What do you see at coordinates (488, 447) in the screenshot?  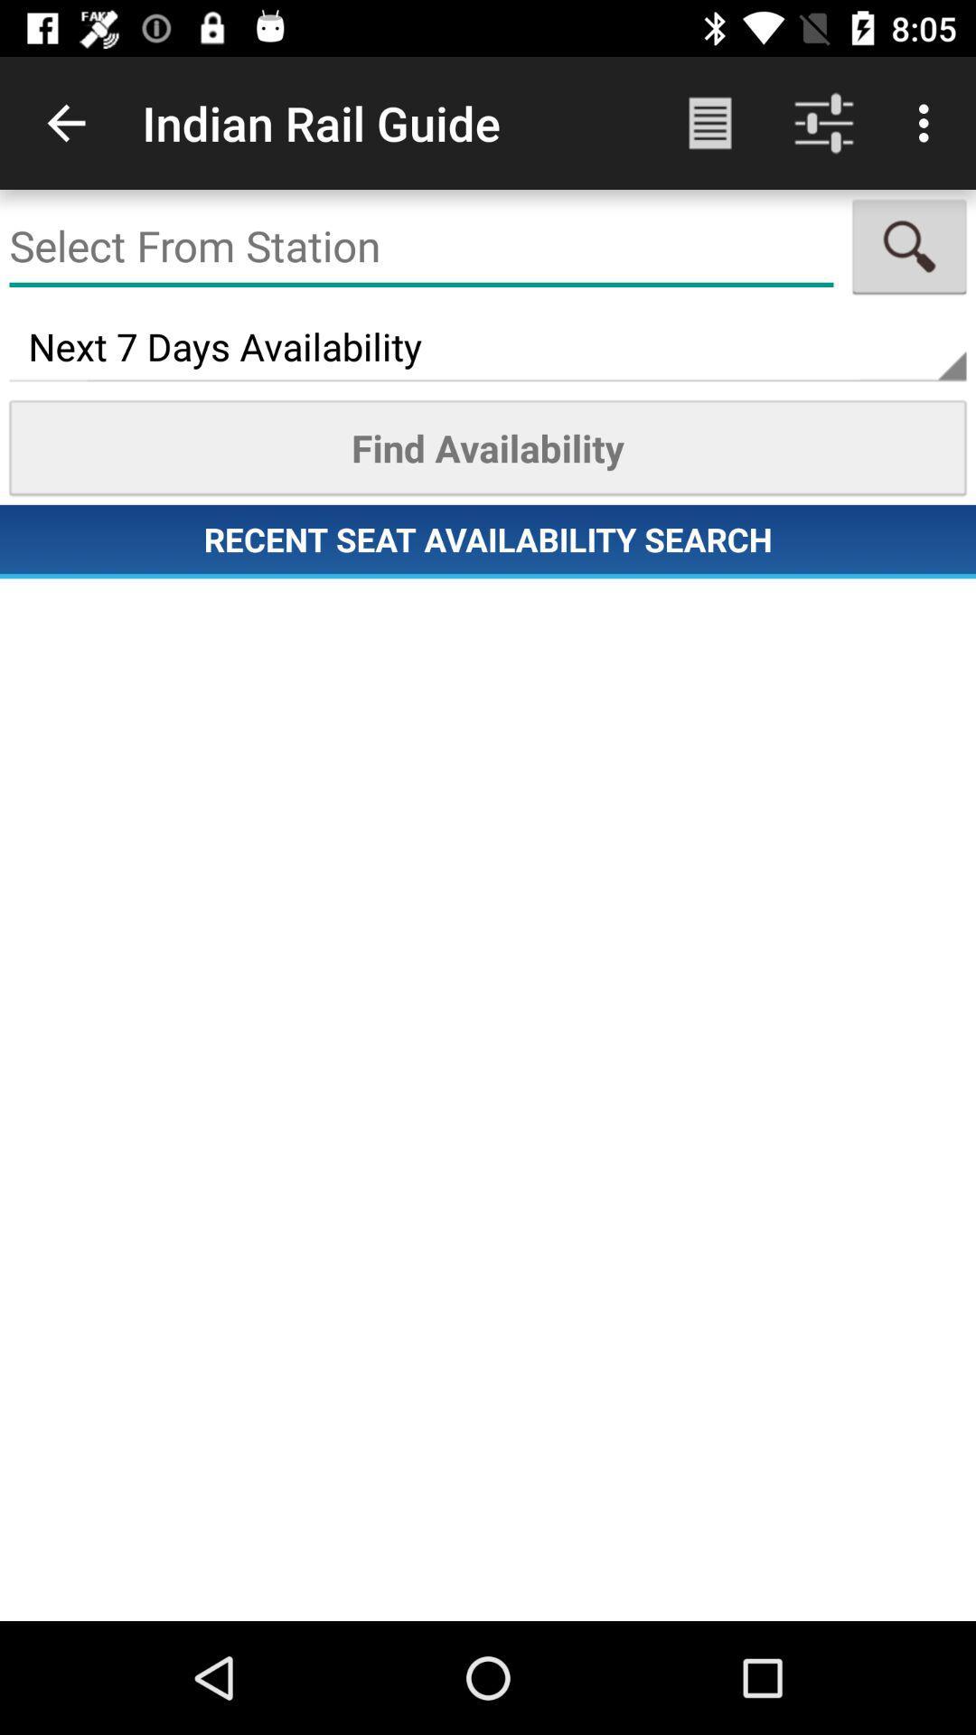 I see `the icon below next 7 days icon` at bounding box center [488, 447].